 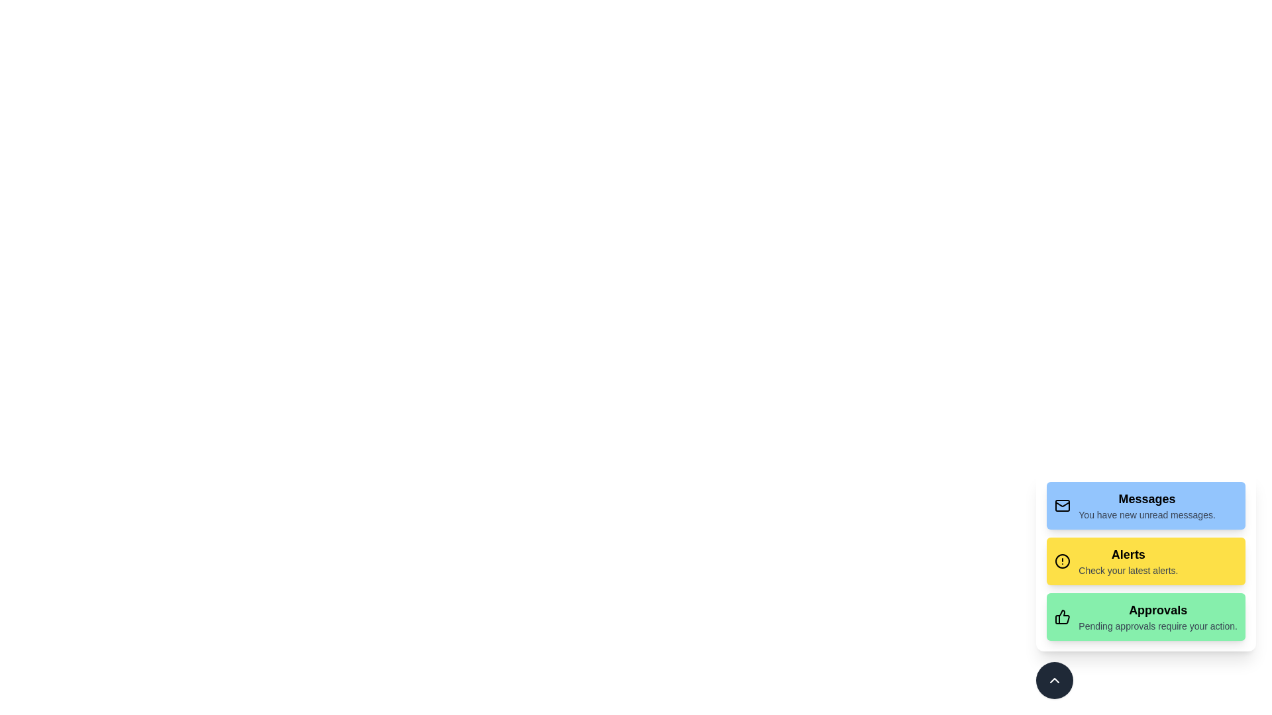 I want to click on the bottom-right button to toggle the notification menu, so click(x=1054, y=681).